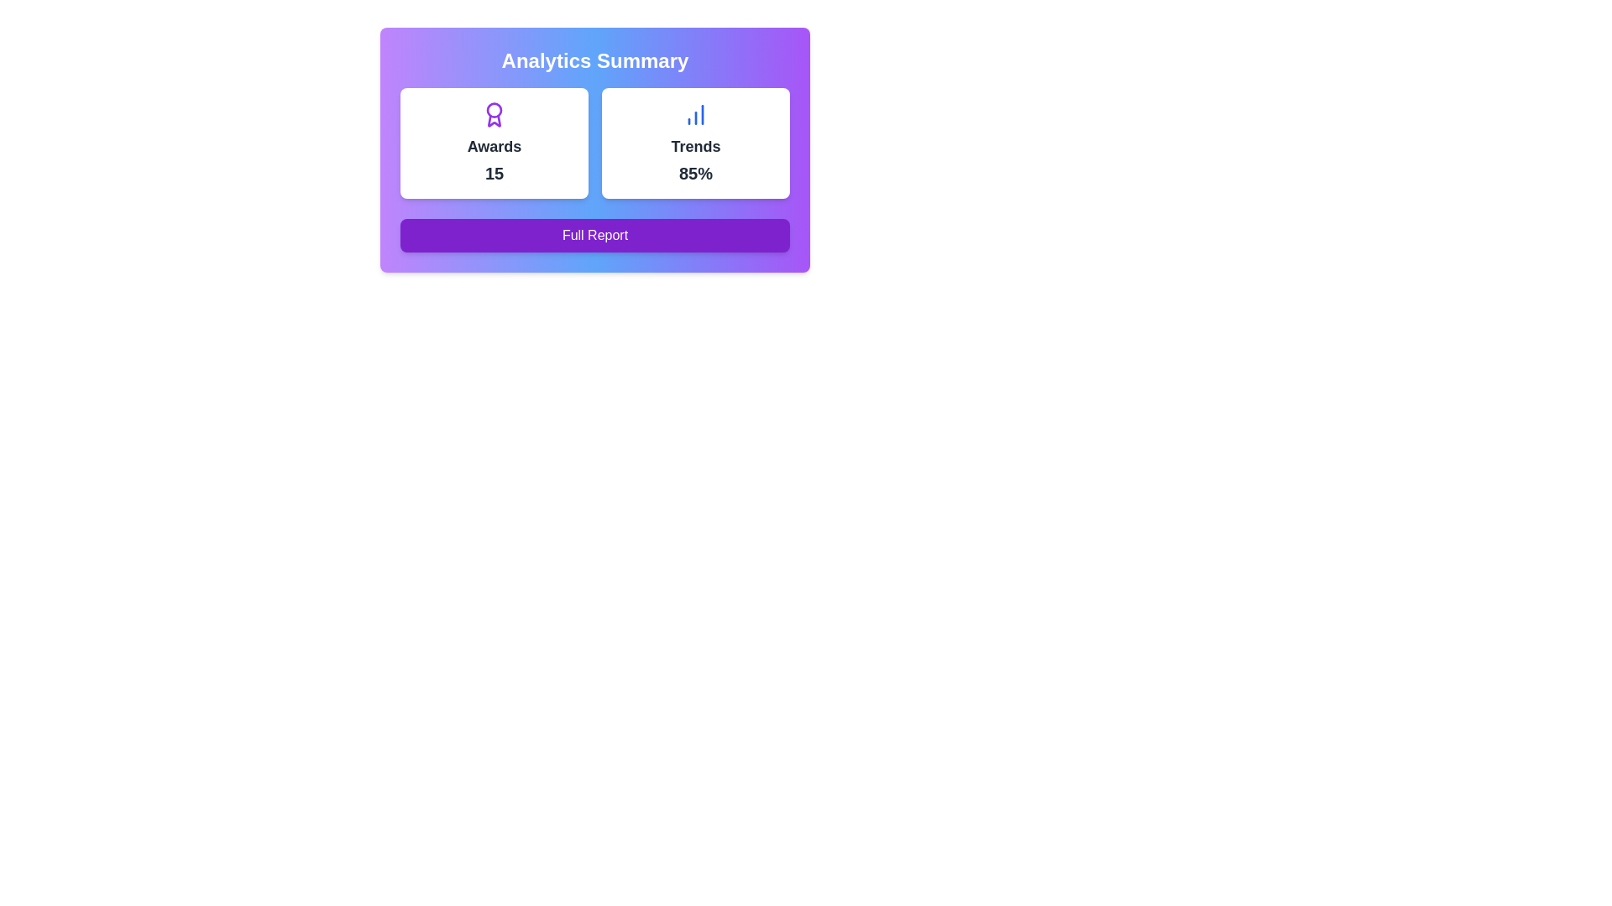 The width and height of the screenshot is (1612, 906). Describe the element at coordinates (696, 114) in the screenshot. I see `the graphical icon that represents data trends in the 'Trends' box of the 'Analytics Summary' card, located just above the numerical text ('85%')` at that location.